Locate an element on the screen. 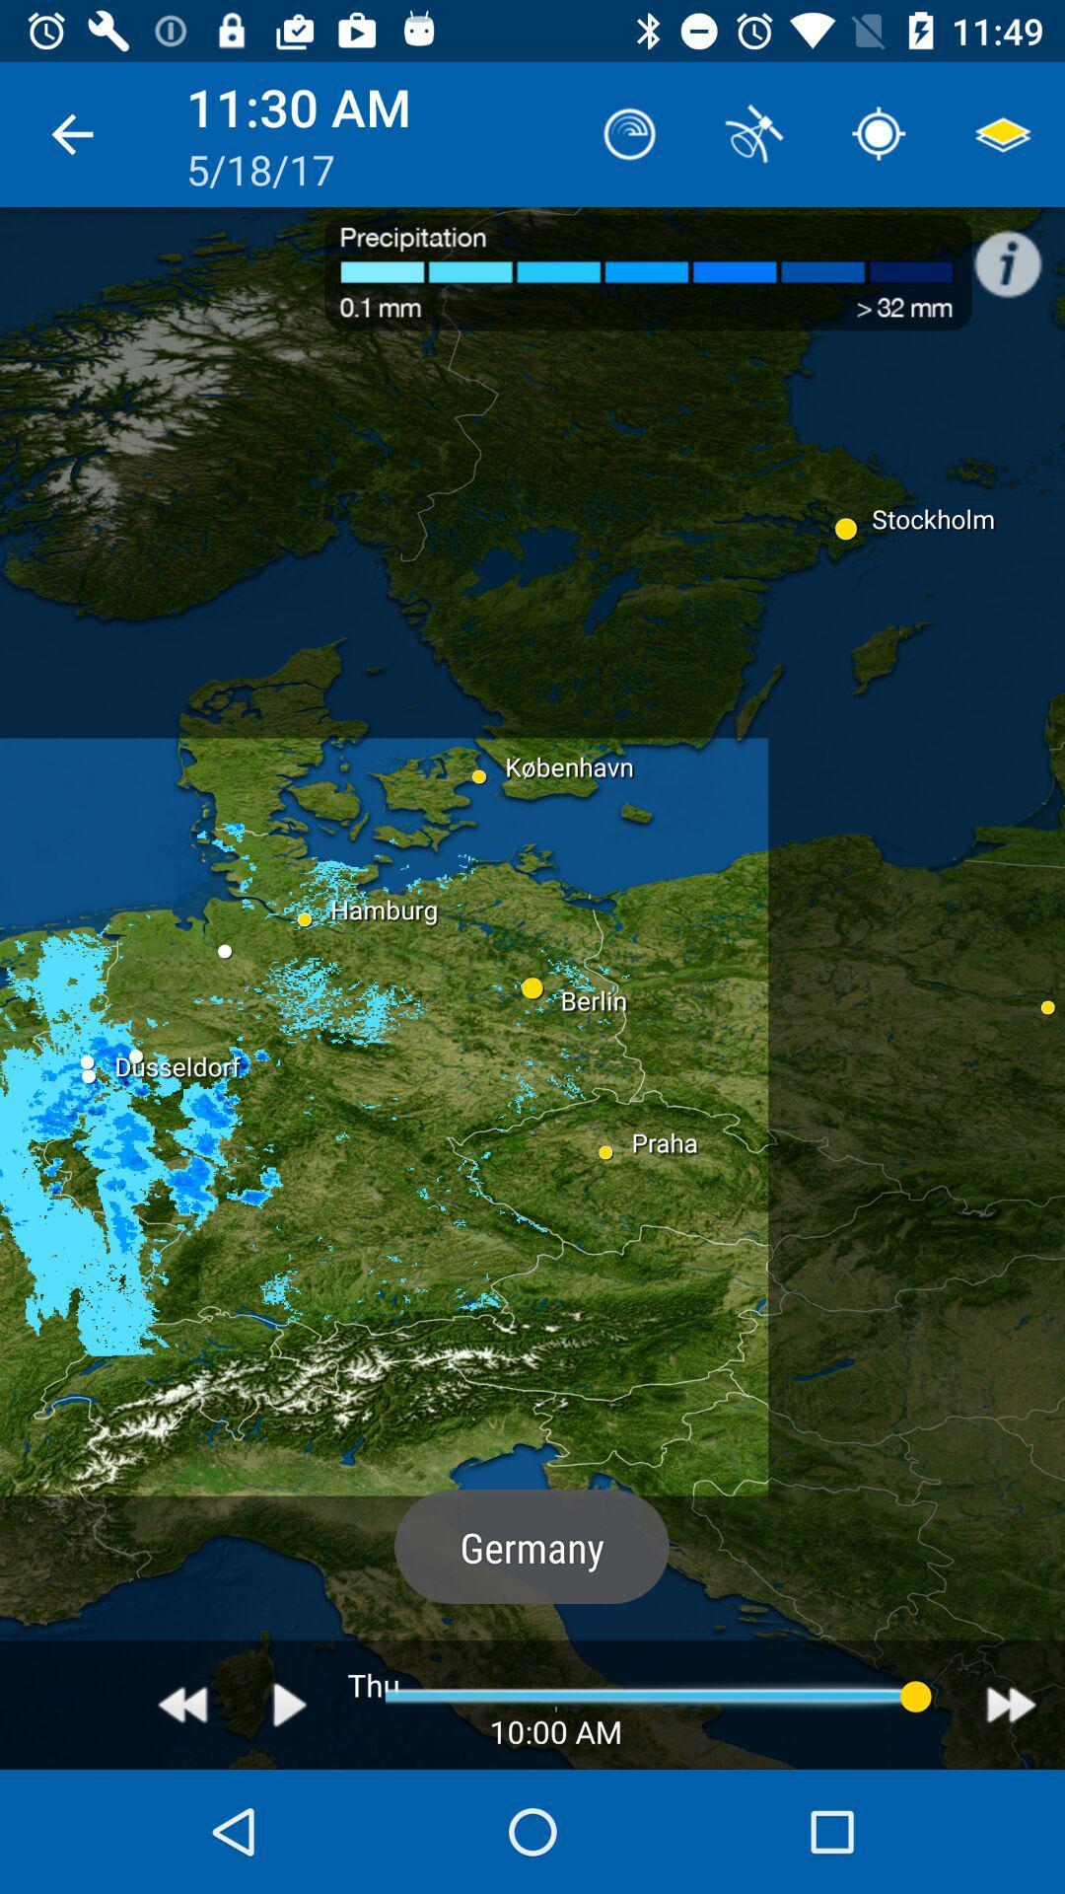 The width and height of the screenshot is (1065, 1894). icon at the bottom right corner is located at coordinates (1011, 1704).